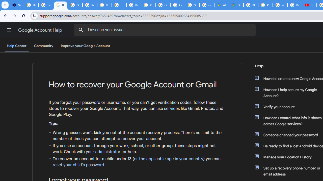 The width and height of the screenshot is (323, 181). Describe the element at coordinates (251, 5) in the screenshot. I see `'Blogger Policies and Guidelines - Transparency Center'` at that location.